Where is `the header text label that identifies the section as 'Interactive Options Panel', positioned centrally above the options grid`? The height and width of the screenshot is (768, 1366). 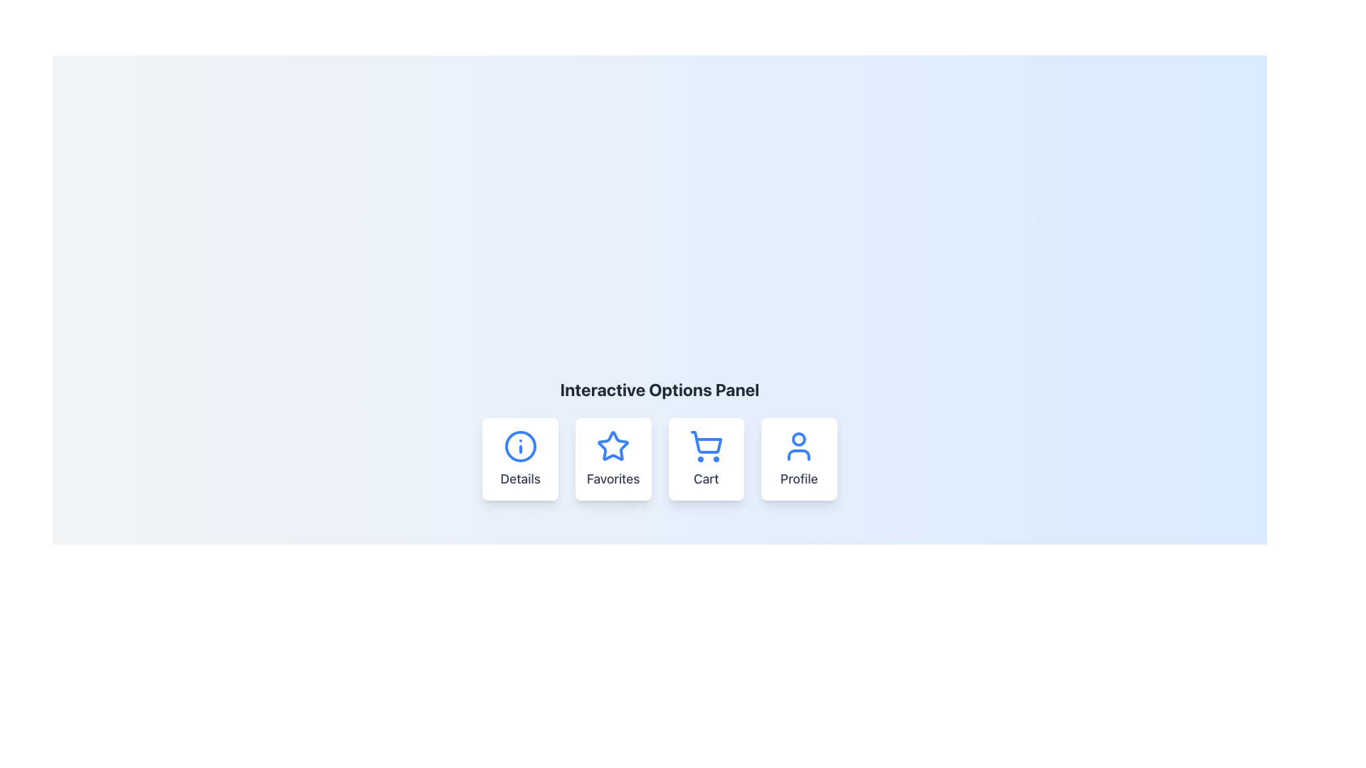 the header text label that identifies the section as 'Interactive Options Panel', positioned centrally above the options grid is located at coordinates (659, 389).